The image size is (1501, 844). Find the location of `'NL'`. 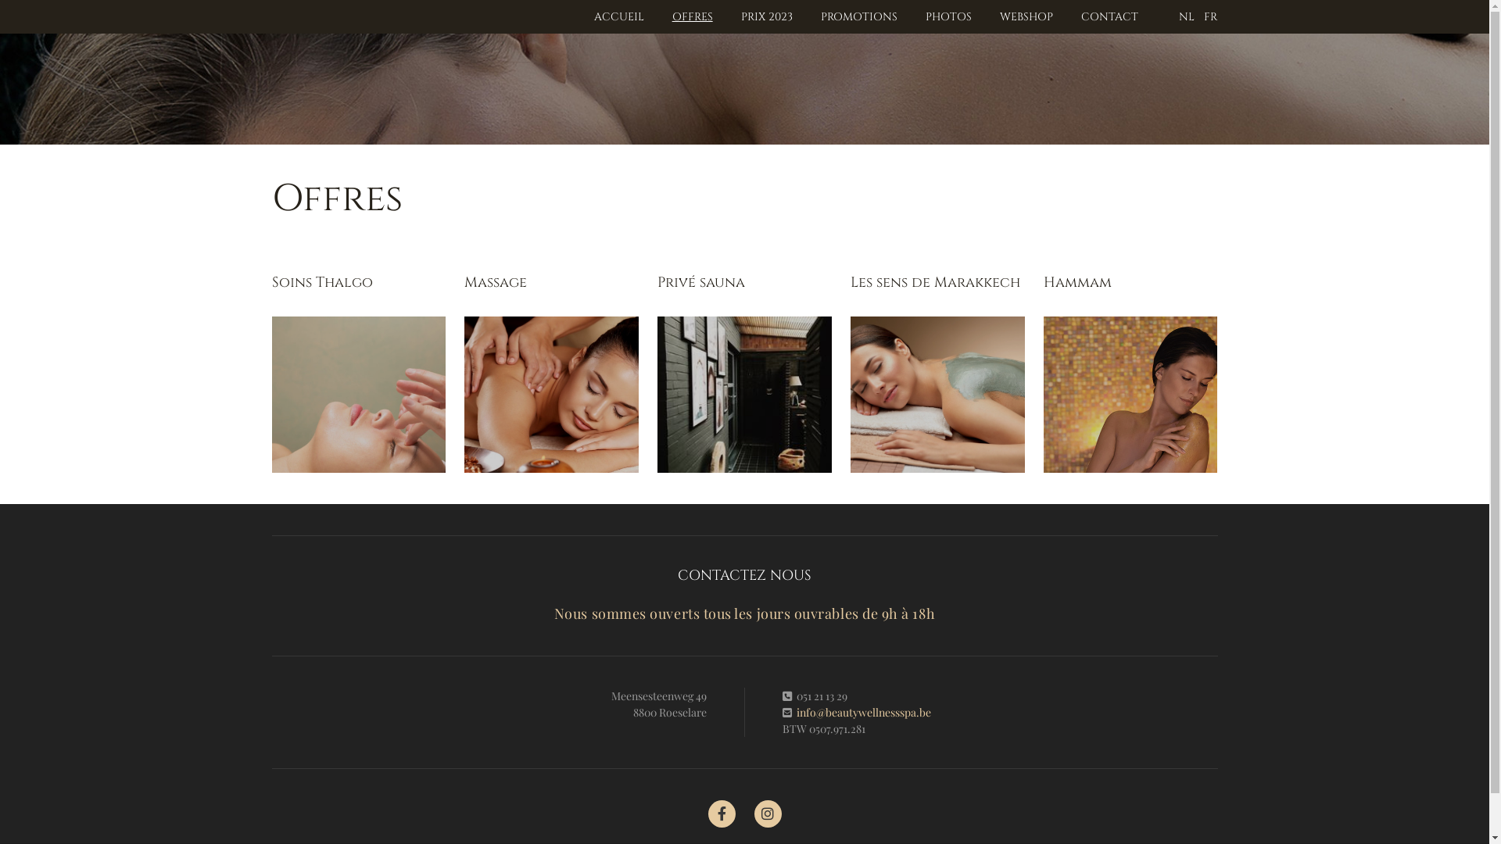

'NL' is located at coordinates (1186, 16).